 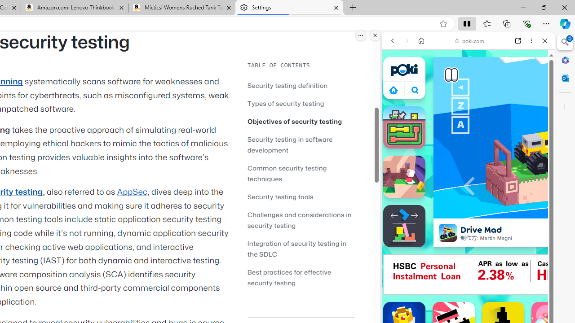 I want to click on 'Integration of security testing in the SDLC', so click(x=297, y=249).